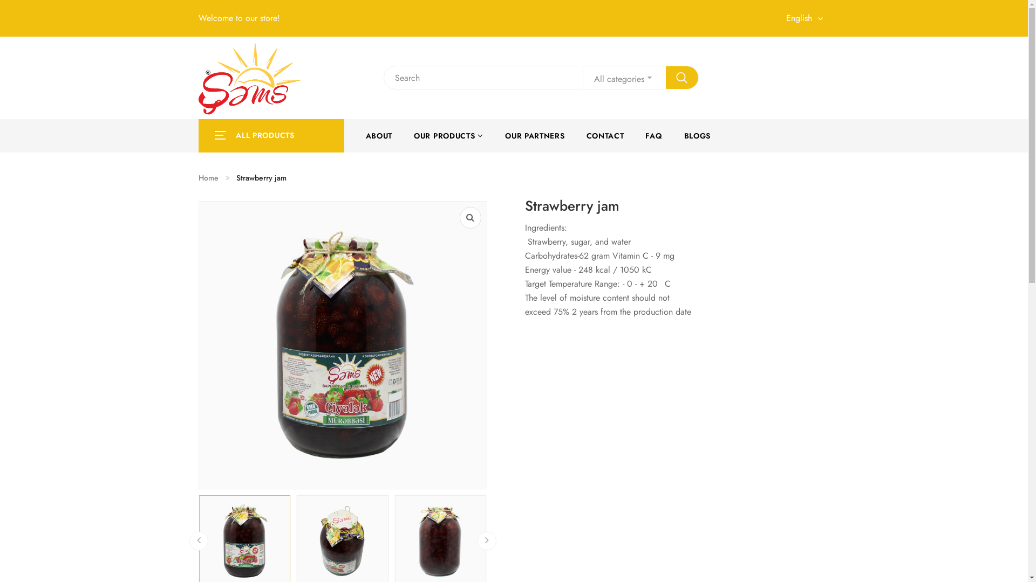  I want to click on 'English', so click(807, 18).